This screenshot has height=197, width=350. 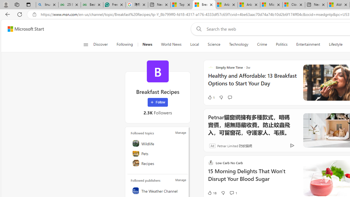 I want to click on 'World News', so click(x=171, y=44).